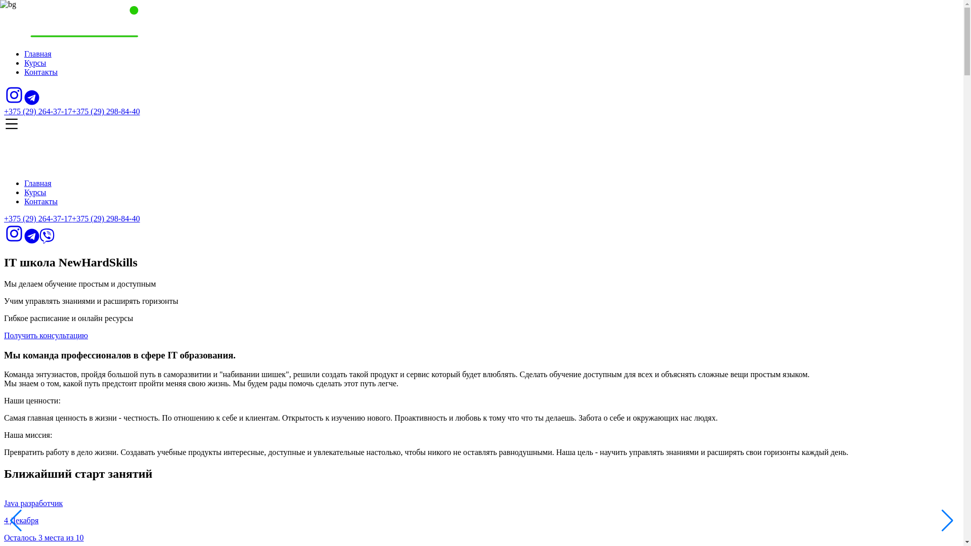  Describe the element at coordinates (106, 218) in the screenshot. I see `'+375 (29) 298-84-40'` at that location.